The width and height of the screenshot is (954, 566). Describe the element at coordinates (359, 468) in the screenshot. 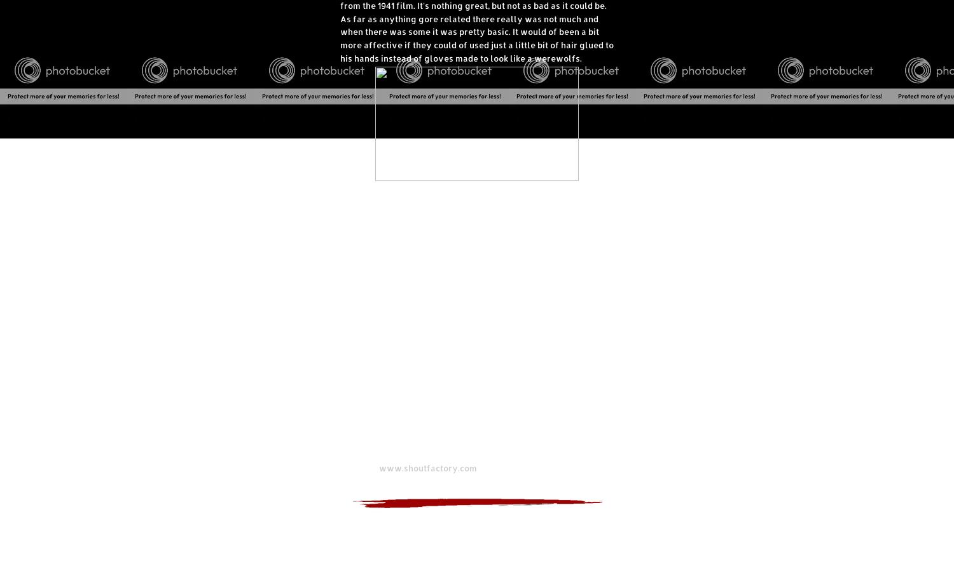

I see `'Website:'` at that location.